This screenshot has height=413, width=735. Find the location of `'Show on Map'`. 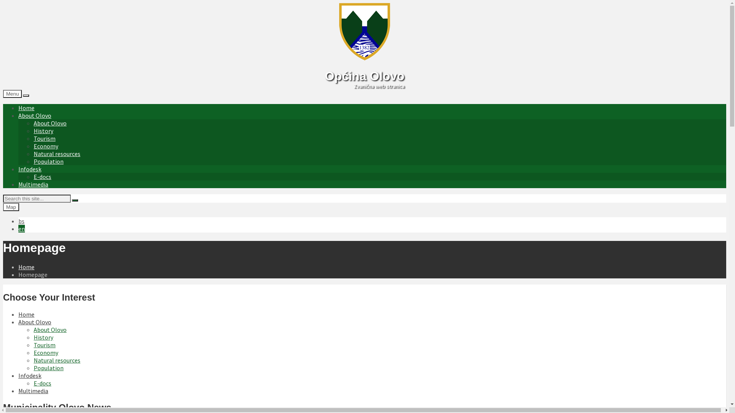

'Show on Map' is located at coordinates (26, 95).